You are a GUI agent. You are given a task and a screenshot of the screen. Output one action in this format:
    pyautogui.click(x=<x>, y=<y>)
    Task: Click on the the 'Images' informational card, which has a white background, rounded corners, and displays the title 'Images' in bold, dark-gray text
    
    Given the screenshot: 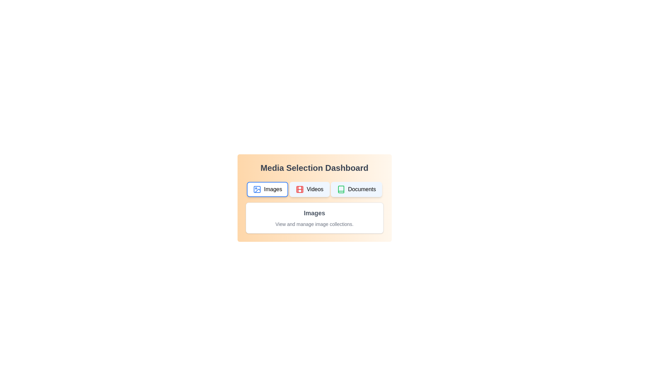 What is the action you would take?
    pyautogui.click(x=314, y=218)
    